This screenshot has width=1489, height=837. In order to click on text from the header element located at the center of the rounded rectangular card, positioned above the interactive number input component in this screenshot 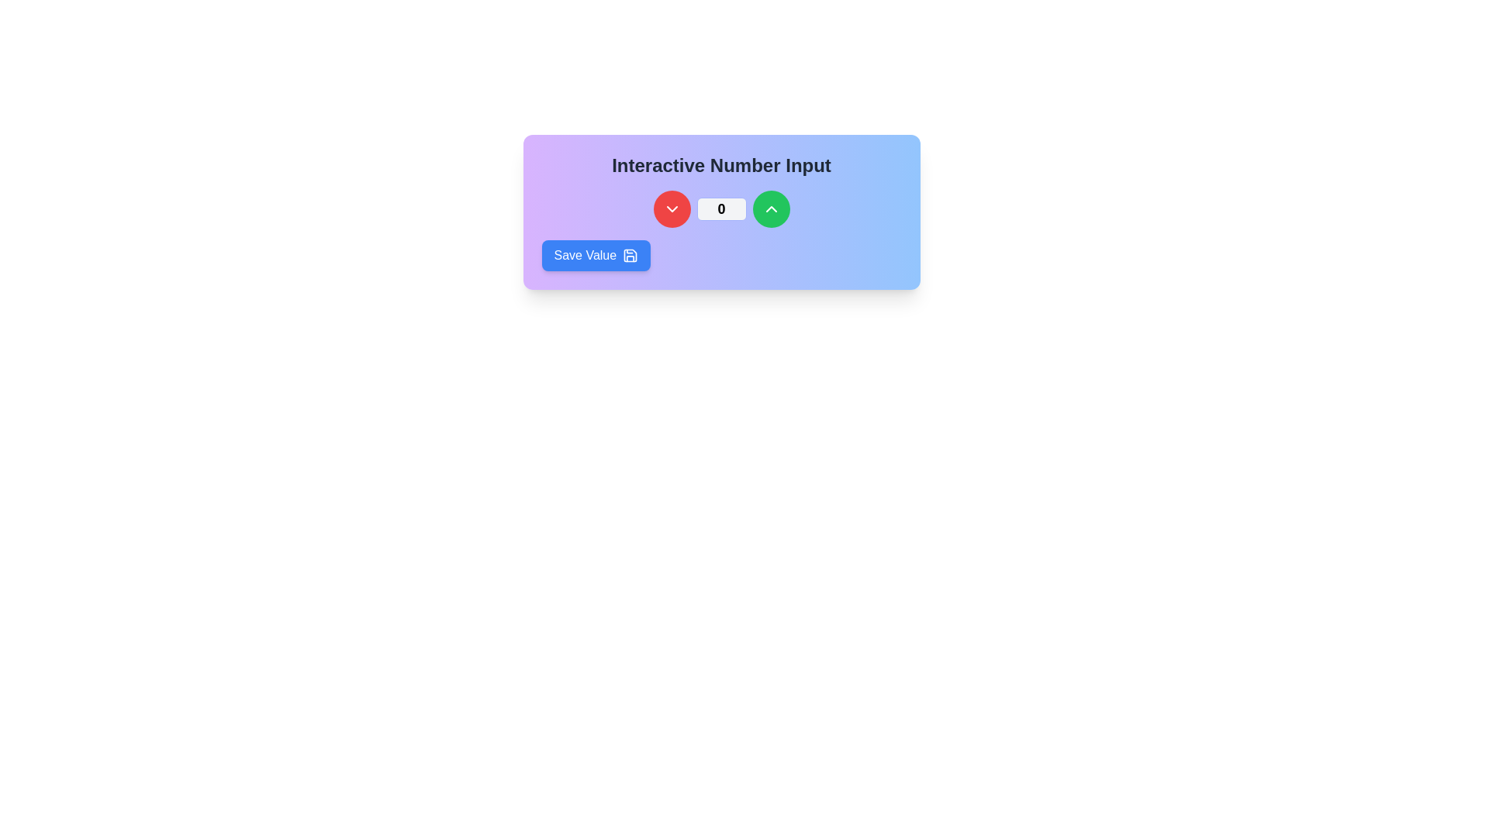, I will do `click(720, 165)`.